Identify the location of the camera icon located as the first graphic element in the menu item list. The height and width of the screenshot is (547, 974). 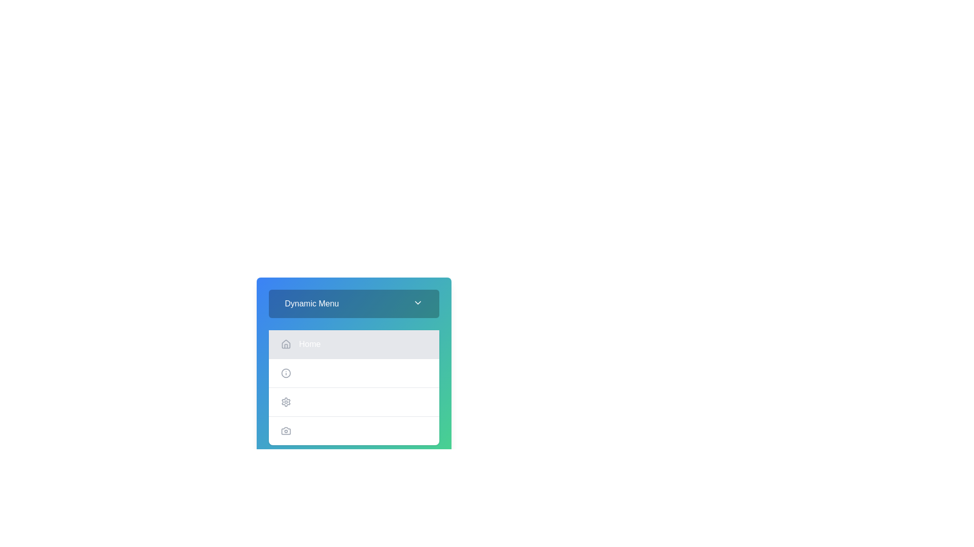
(285, 431).